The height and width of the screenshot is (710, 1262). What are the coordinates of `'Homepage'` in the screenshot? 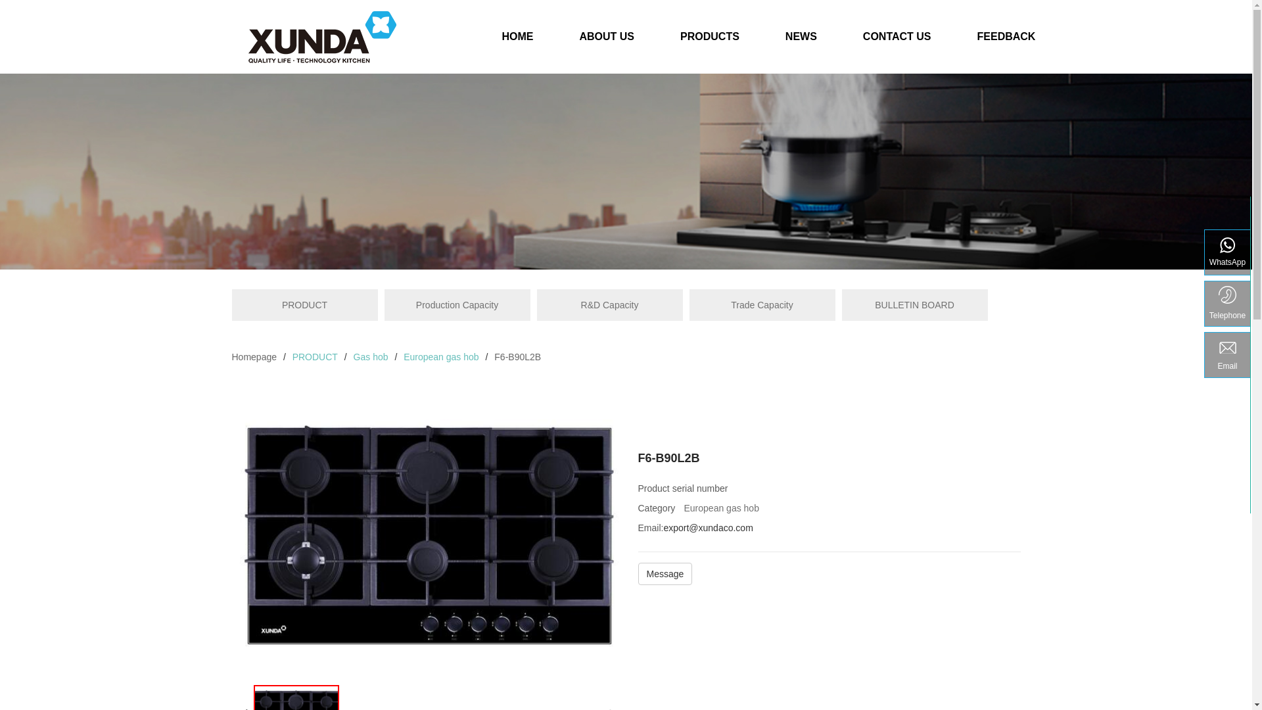 It's located at (254, 357).